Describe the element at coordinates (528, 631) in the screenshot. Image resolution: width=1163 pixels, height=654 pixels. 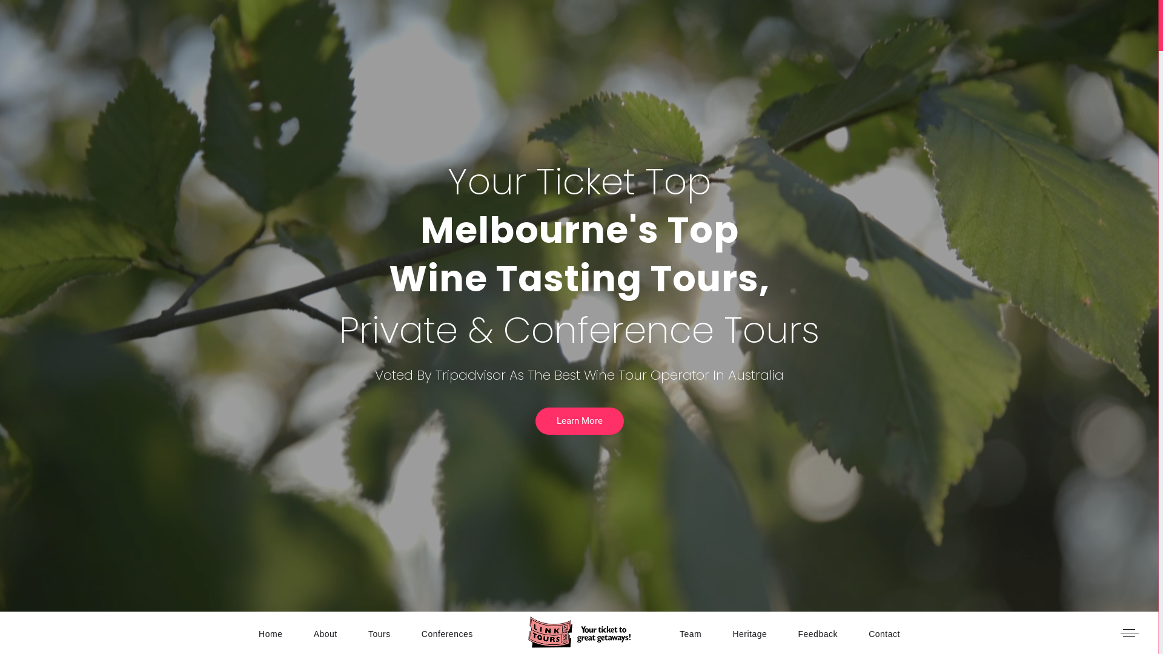
I see `'Logo'` at that location.